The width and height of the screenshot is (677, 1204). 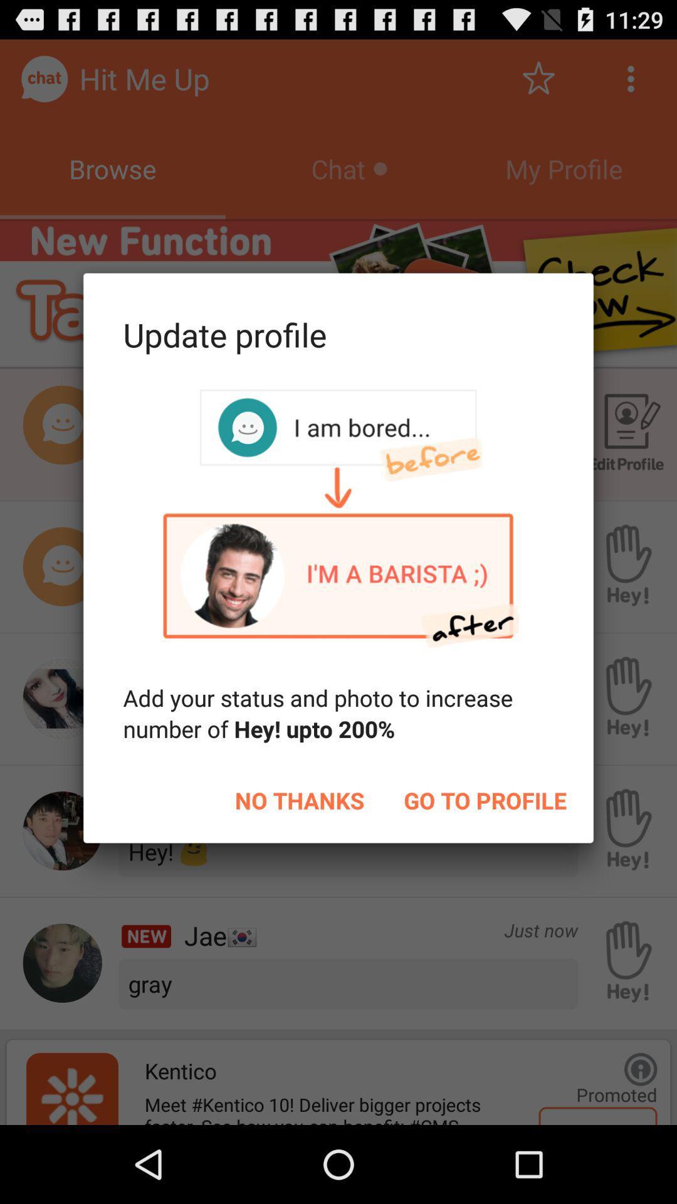 I want to click on item next to the no thanks icon, so click(x=485, y=800).